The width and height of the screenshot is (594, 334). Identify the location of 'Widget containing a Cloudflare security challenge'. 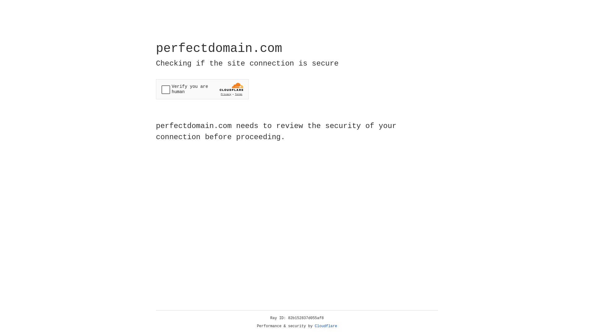
(202, 89).